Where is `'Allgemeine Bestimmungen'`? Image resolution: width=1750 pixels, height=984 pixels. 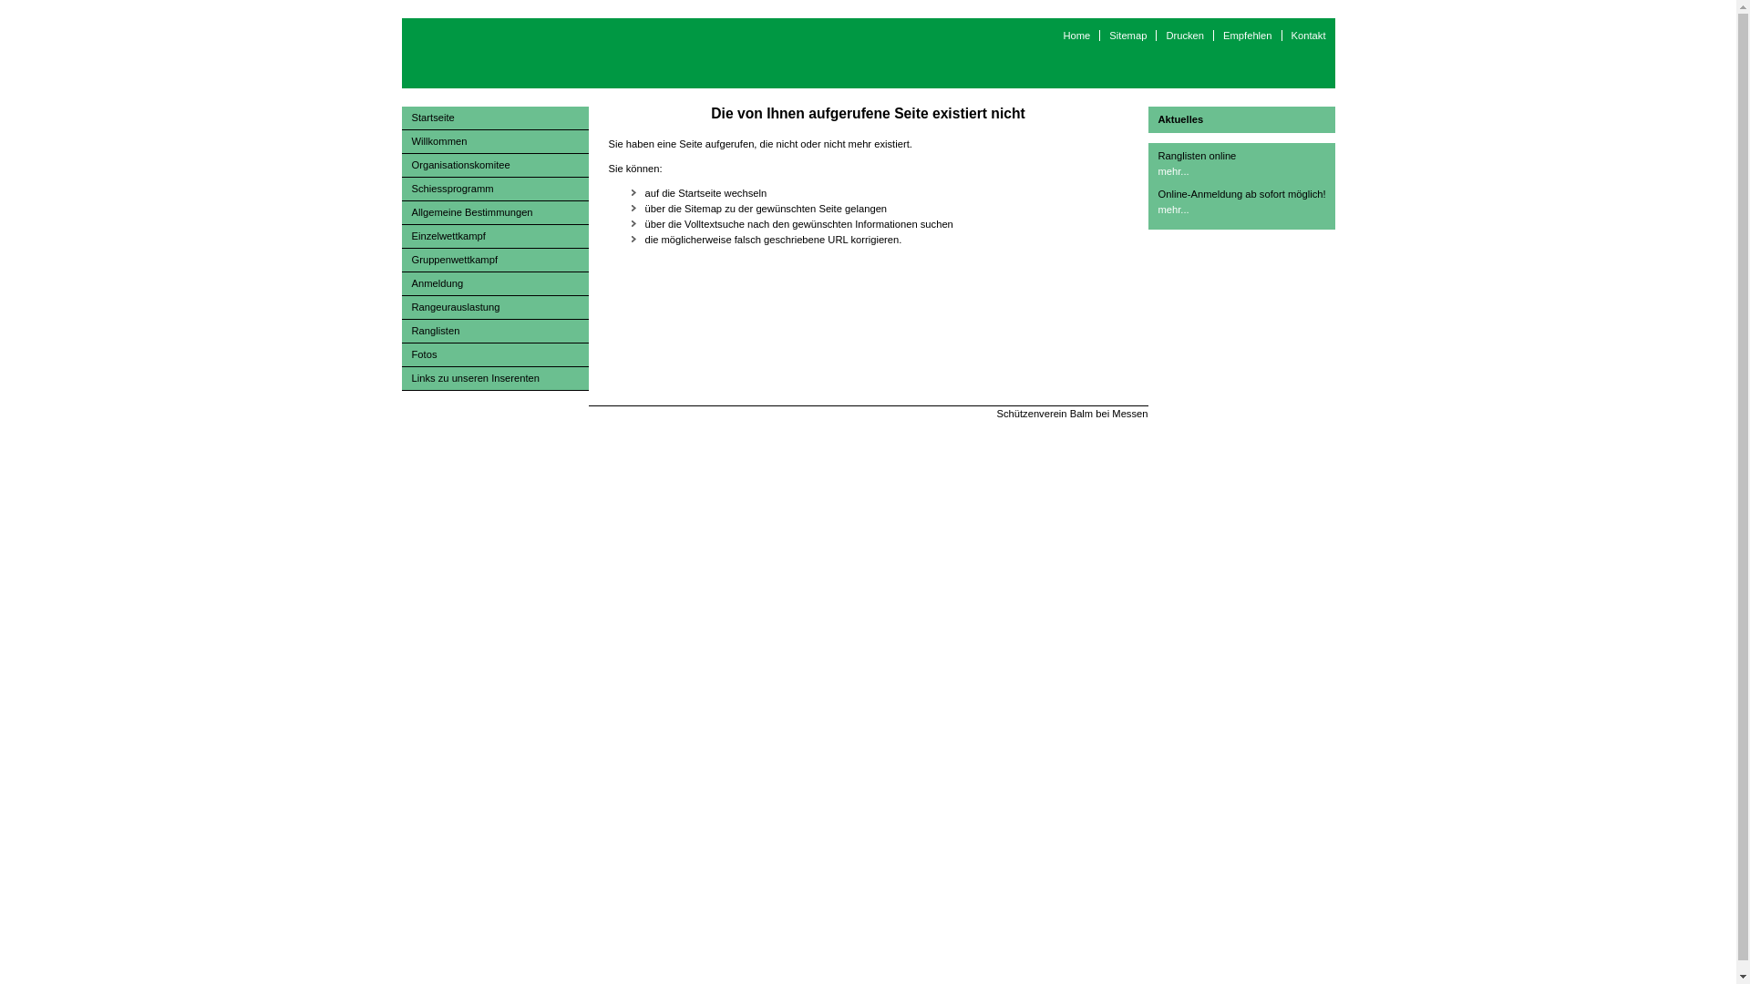
'Allgemeine Bestimmungen' is located at coordinates (494, 212).